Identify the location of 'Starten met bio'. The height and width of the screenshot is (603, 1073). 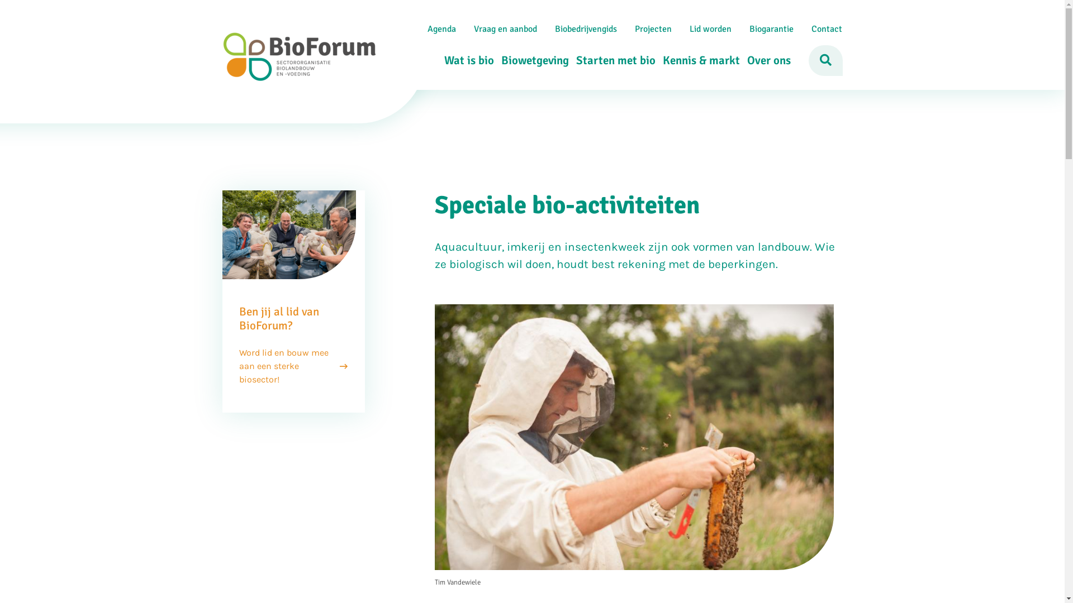
(611, 60).